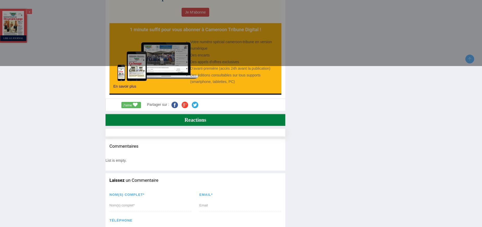  I want to click on 'un Commentaire', so click(141, 180).